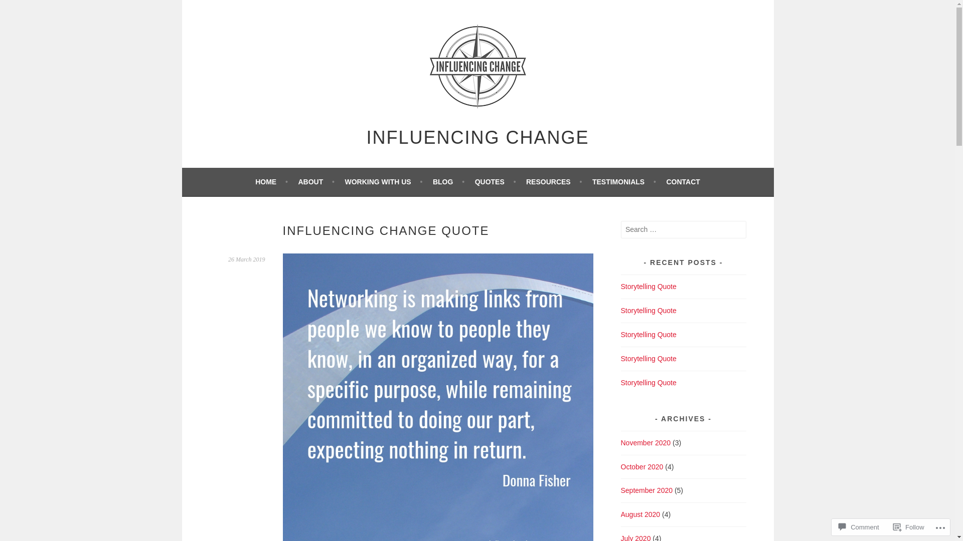 This screenshot has height=541, width=963. What do you see at coordinates (271, 181) in the screenshot?
I see `'HOME'` at bounding box center [271, 181].